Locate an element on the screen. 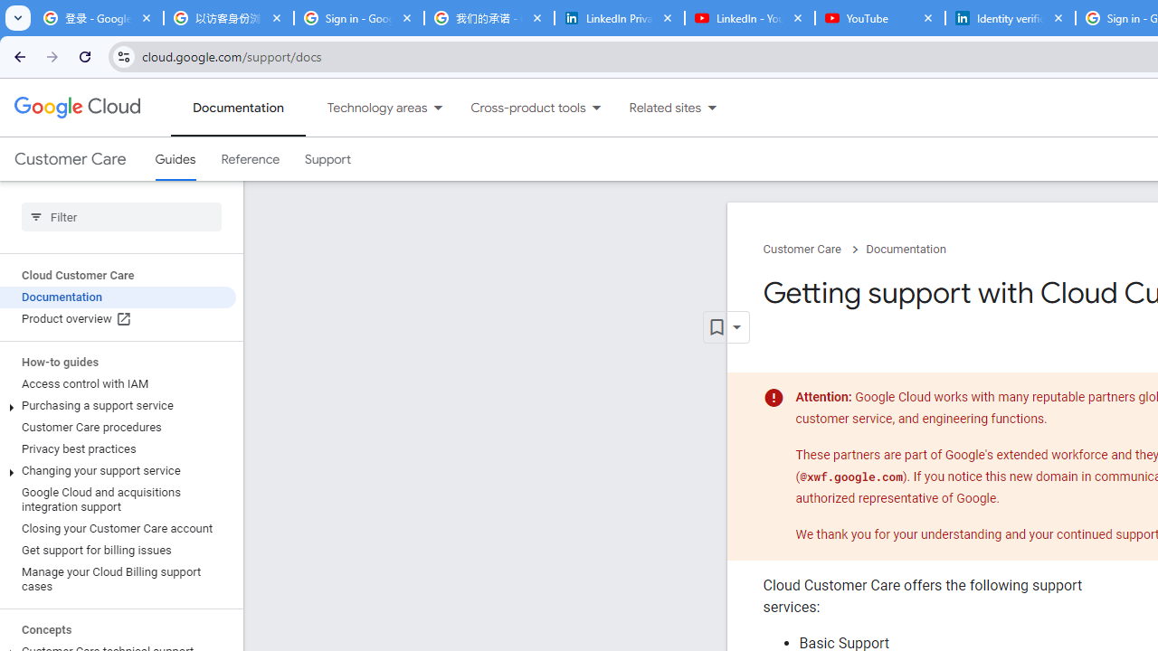 This screenshot has height=651, width=1158. 'Type to filter' is located at coordinates (120, 216).